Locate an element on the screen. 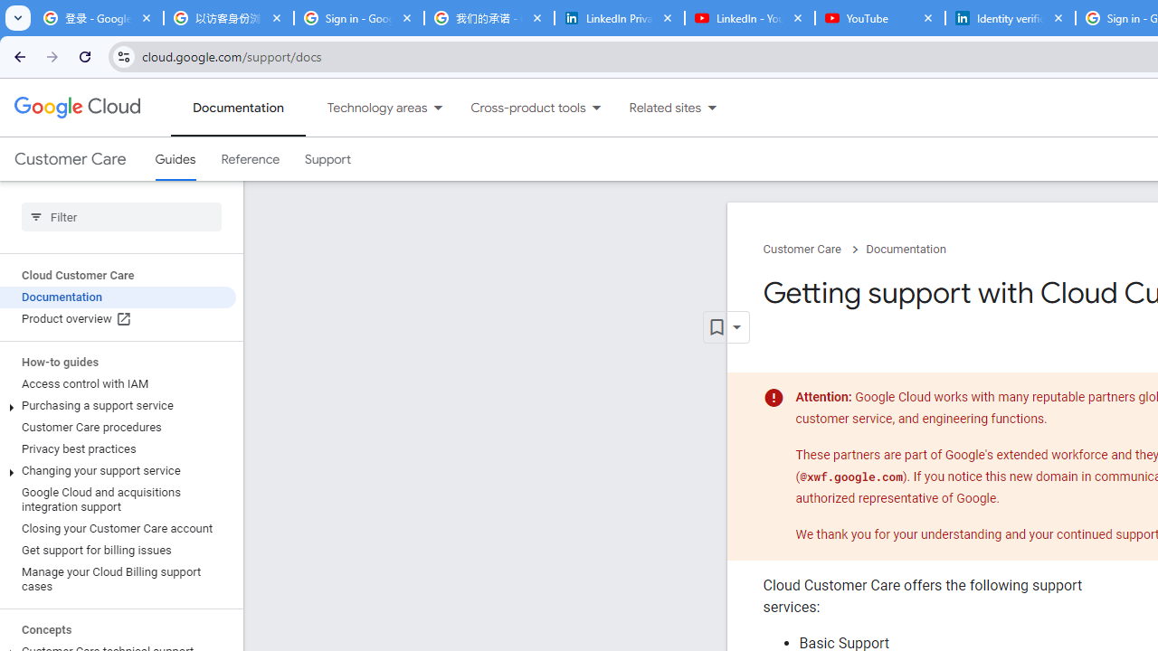 This screenshot has height=651, width=1158. 'Type to filter' is located at coordinates (120, 216).